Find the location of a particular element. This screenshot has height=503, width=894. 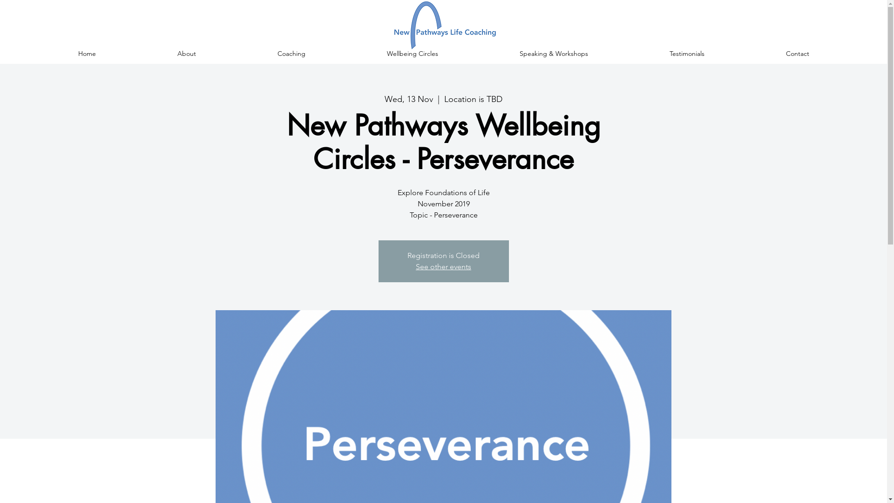

'Coaching' is located at coordinates (291, 54).